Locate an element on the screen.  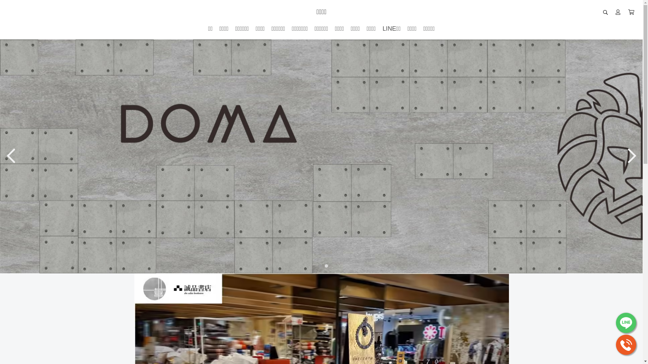
'2' is located at coordinates (322, 265).